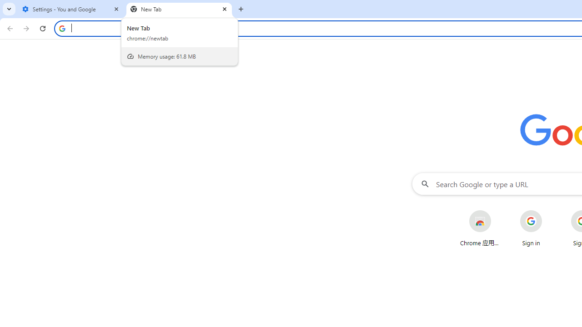 This screenshot has width=582, height=327. What do you see at coordinates (179, 9) in the screenshot?
I see `'New Tab'` at bounding box center [179, 9].